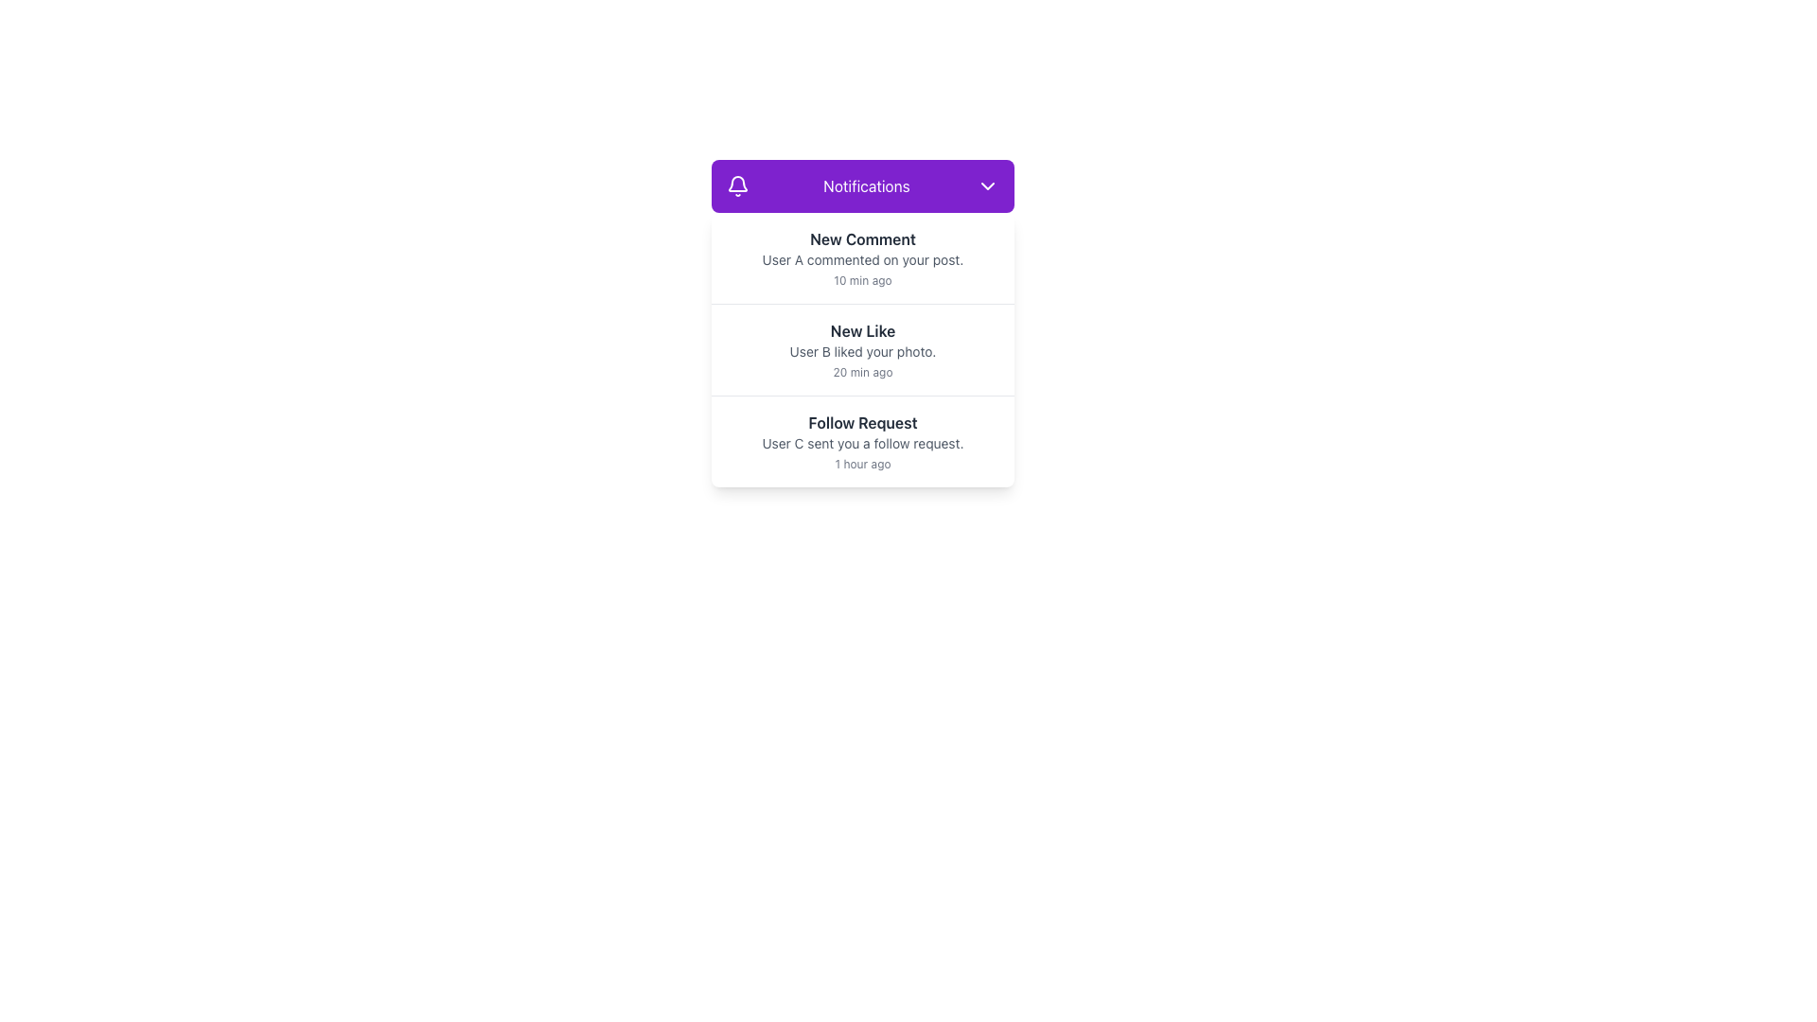 The height and width of the screenshot is (1022, 1817). What do you see at coordinates (862, 350) in the screenshot?
I see `the second notification that informs the user about a like received on their photo, which is positioned between the 'New Comment' notification and the 'Follow Request' notification` at bounding box center [862, 350].